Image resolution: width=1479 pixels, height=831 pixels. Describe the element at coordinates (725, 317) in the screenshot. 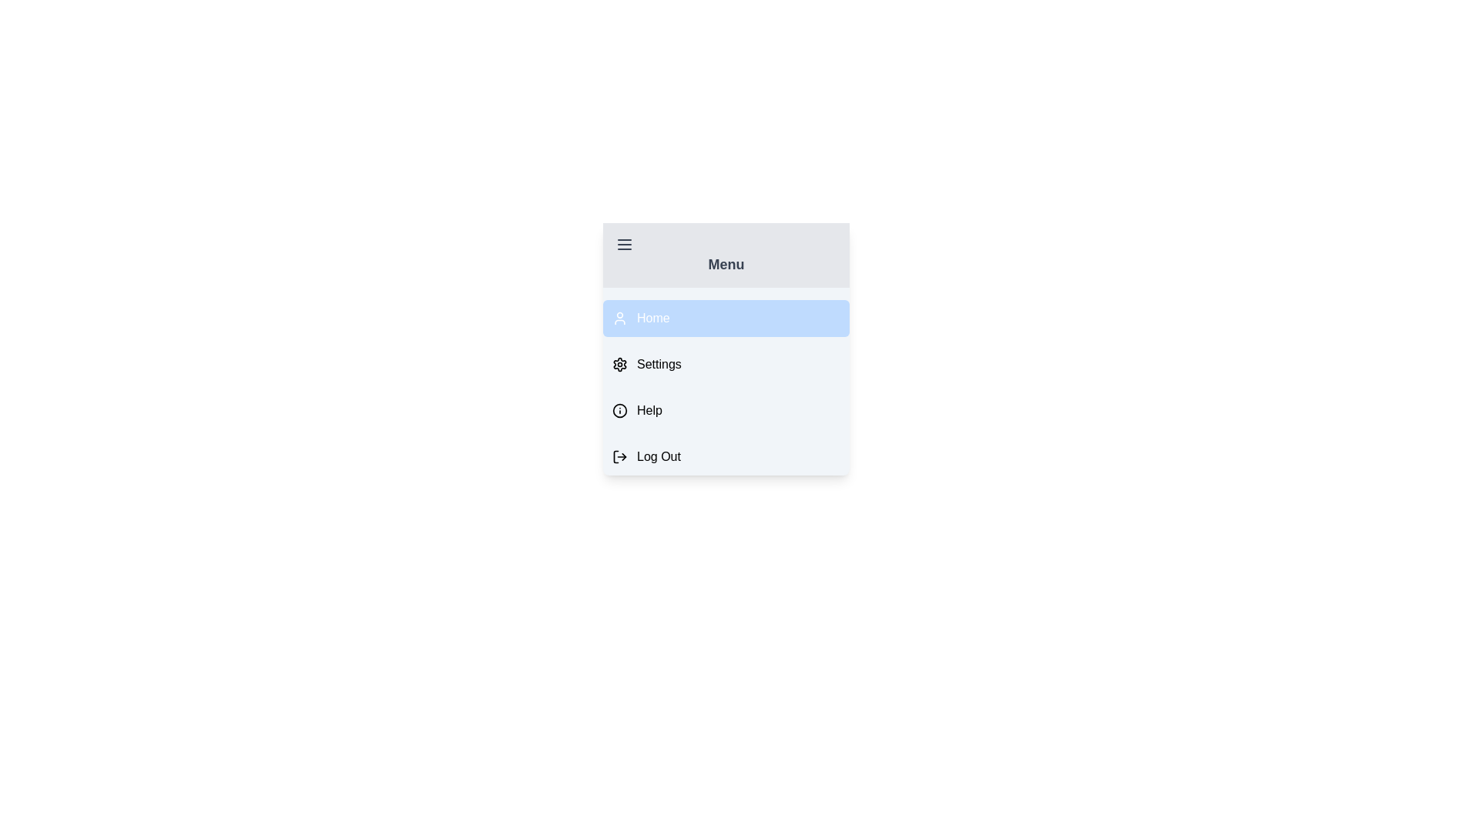

I see `the menu item labeled Home` at that location.